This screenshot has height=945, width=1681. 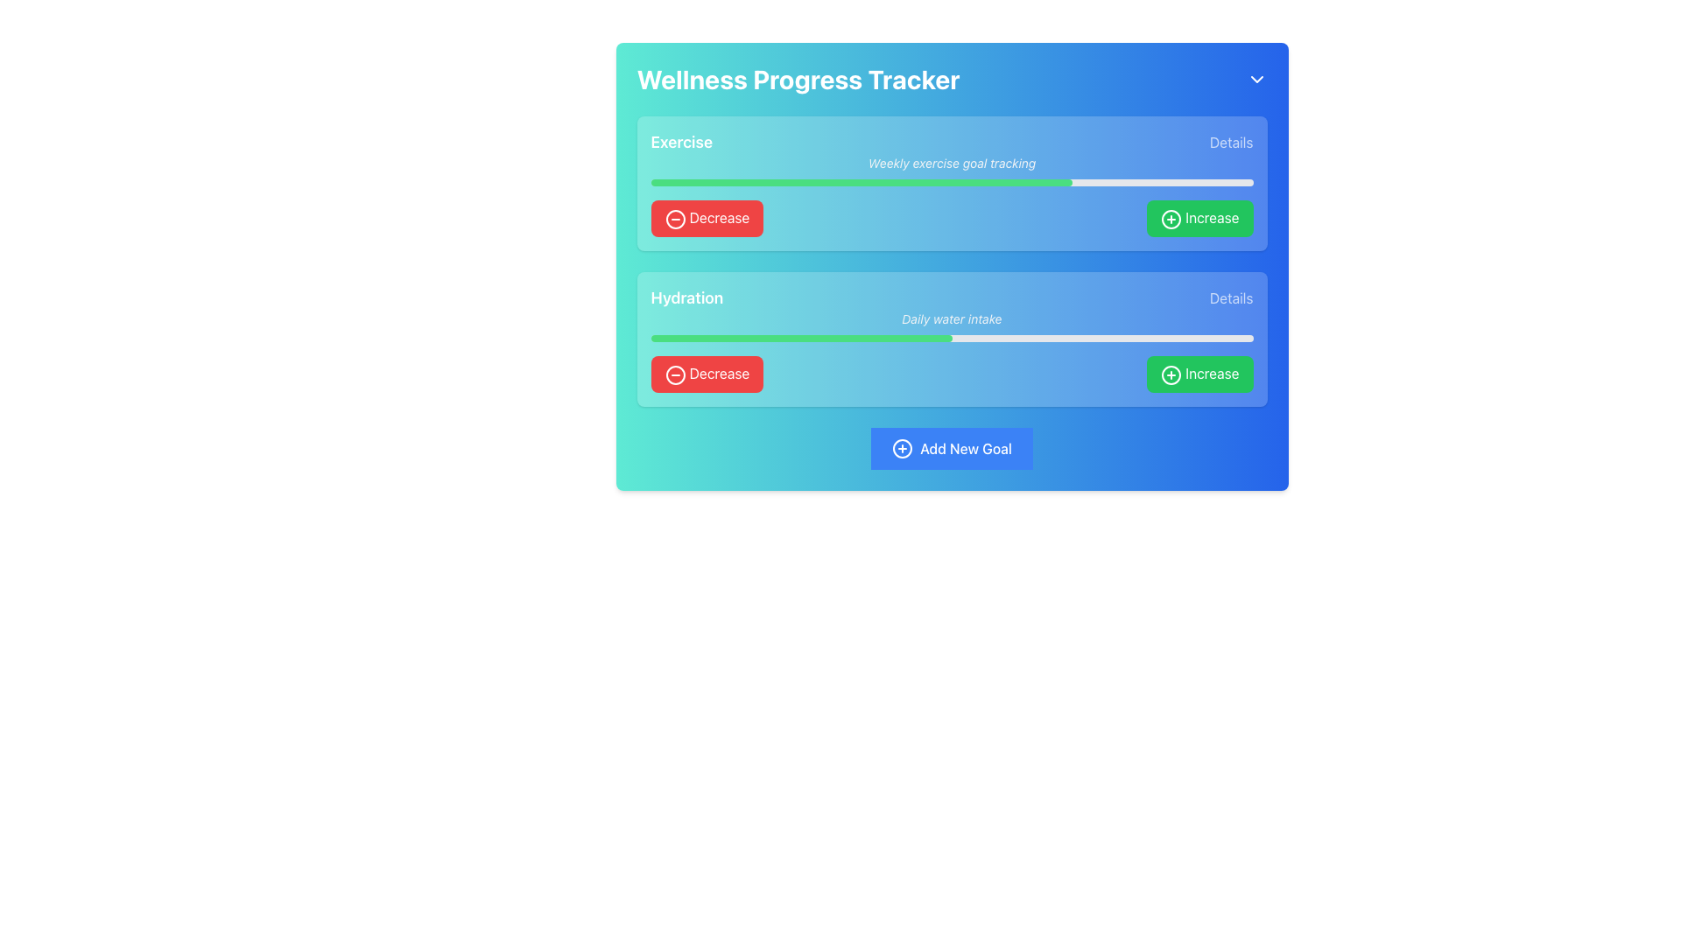 What do you see at coordinates (951, 447) in the screenshot?
I see `the prominent button labeled 'Add New Goal' with a blue gradient background and a circular plus icon` at bounding box center [951, 447].